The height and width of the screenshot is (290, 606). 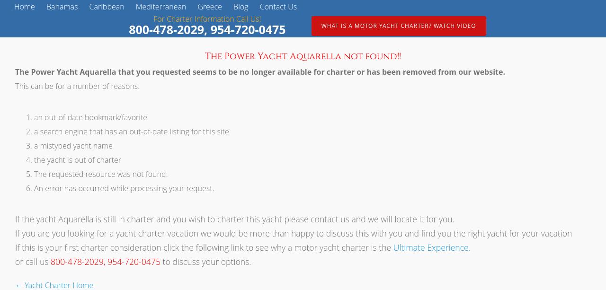 I want to click on 'a mistyped yacht name', so click(x=34, y=145).